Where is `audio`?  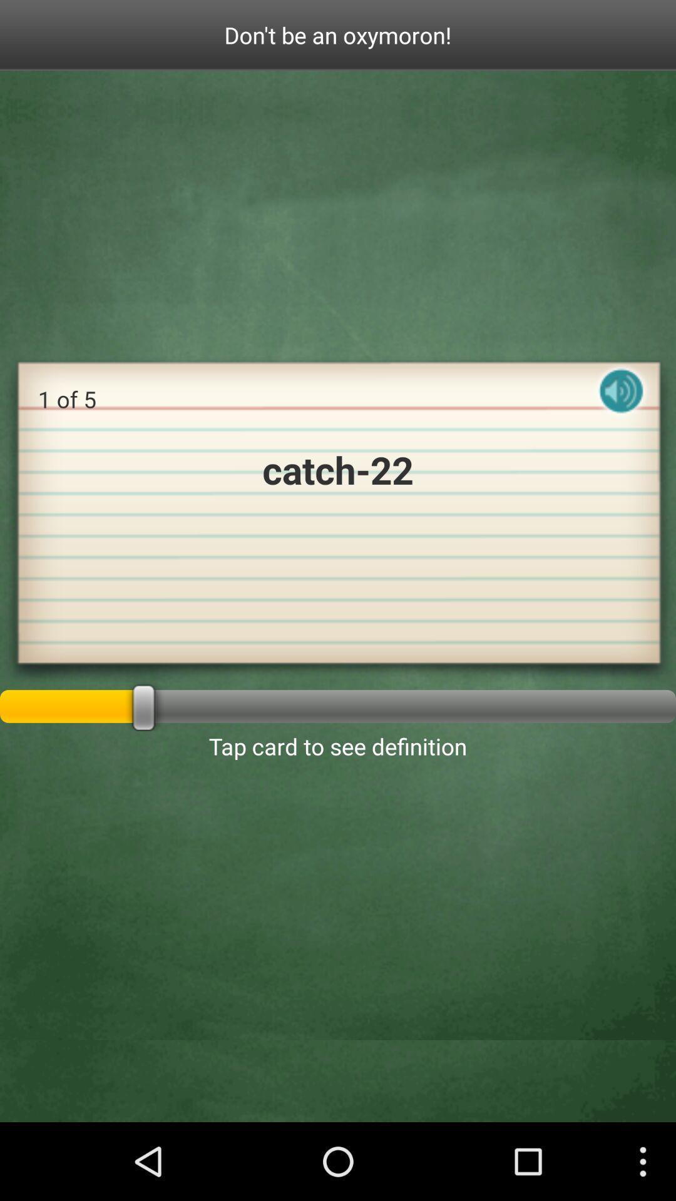
audio is located at coordinates (621, 402).